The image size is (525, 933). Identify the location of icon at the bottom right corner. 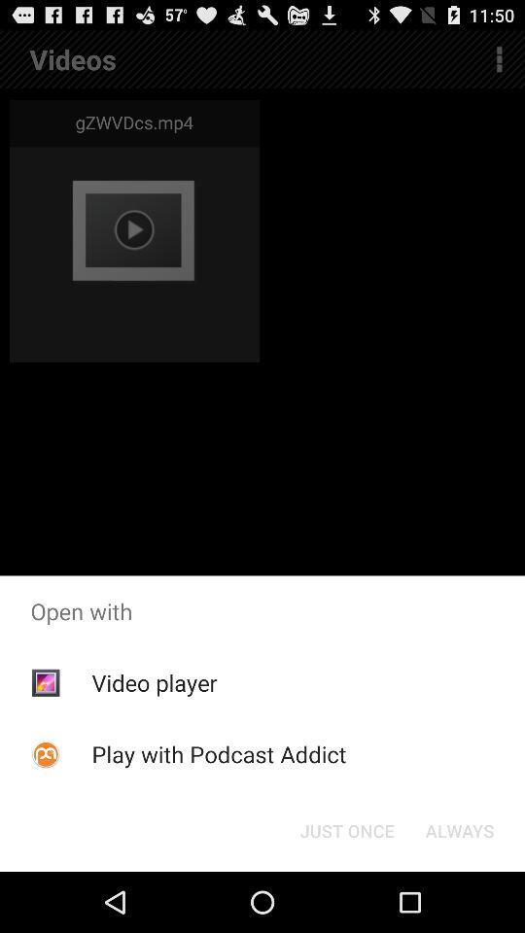
(459, 829).